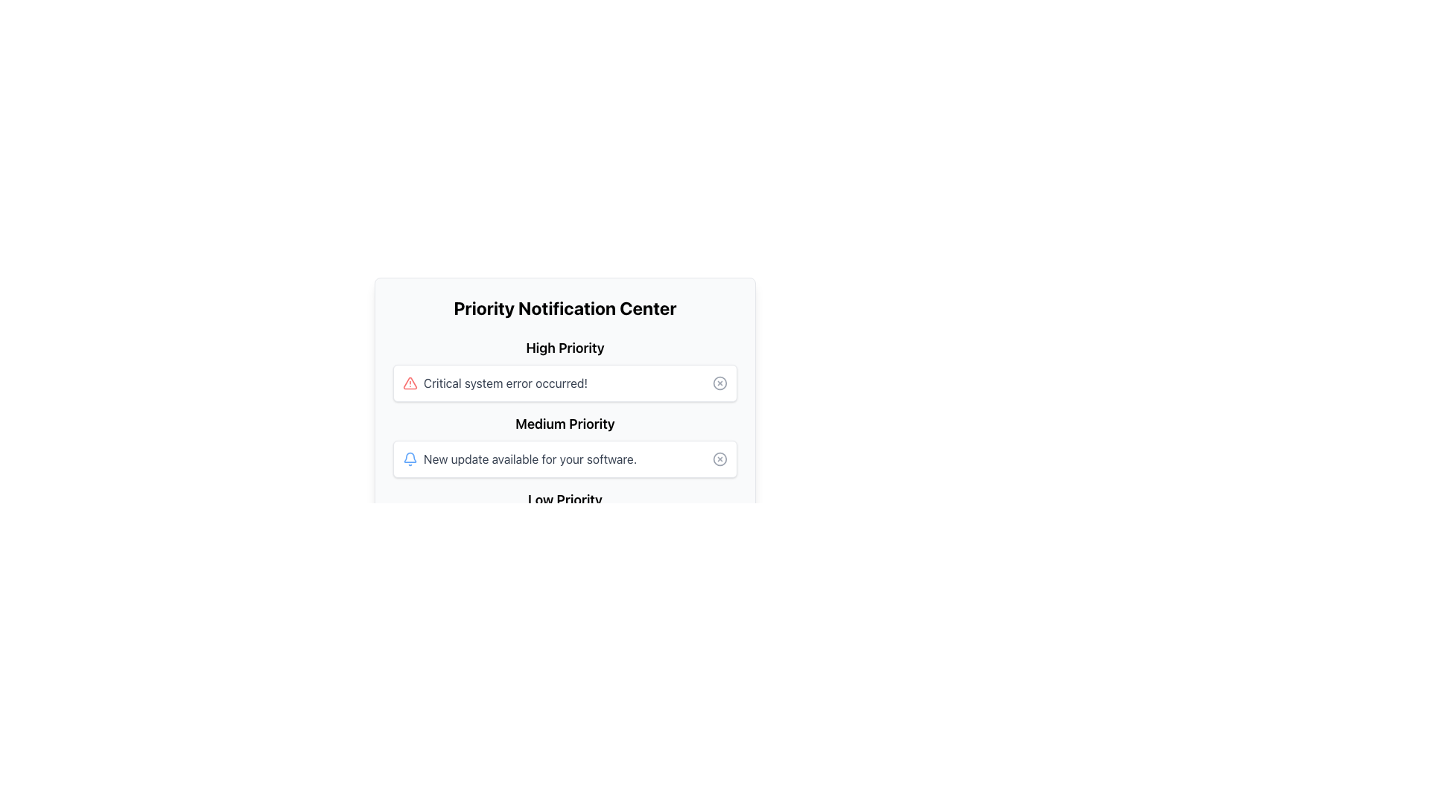 The width and height of the screenshot is (1430, 804). What do you see at coordinates (410, 459) in the screenshot?
I see `the notification icon indicating a medium-priority update, located in the 'Medium Priority' section of the 'Priority Notification Center', to the left of the text 'New update available for your software.'` at bounding box center [410, 459].